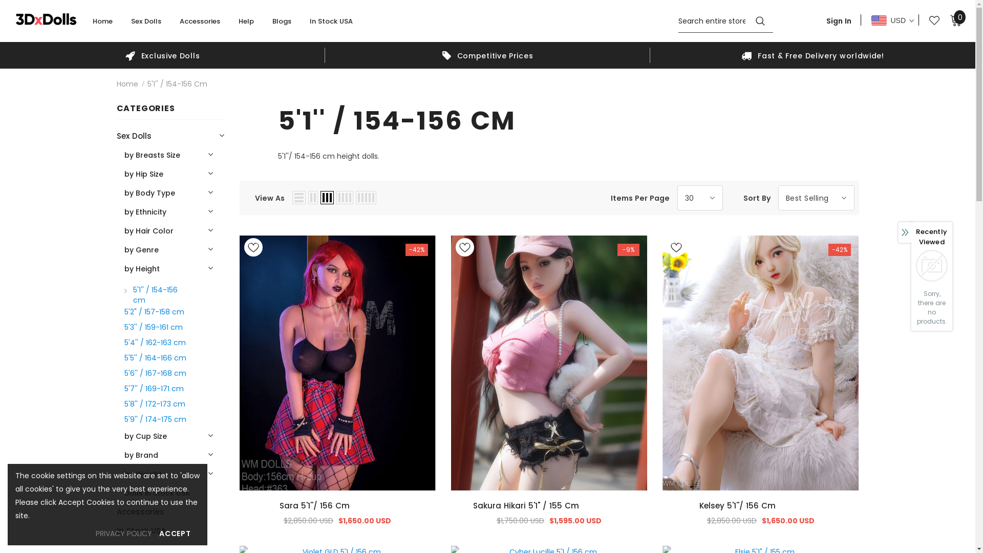 This screenshot has width=983, height=553. Describe the element at coordinates (152, 326) in the screenshot. I see `'5'3'' / 159-161 cm'` at that location.